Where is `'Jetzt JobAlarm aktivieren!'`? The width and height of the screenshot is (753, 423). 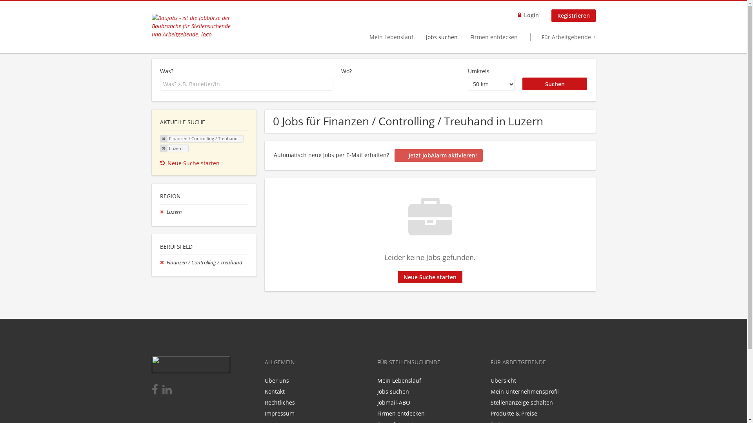 'Jetzt JobAlarm aktivieren!' is located at coordinates (438, 155).